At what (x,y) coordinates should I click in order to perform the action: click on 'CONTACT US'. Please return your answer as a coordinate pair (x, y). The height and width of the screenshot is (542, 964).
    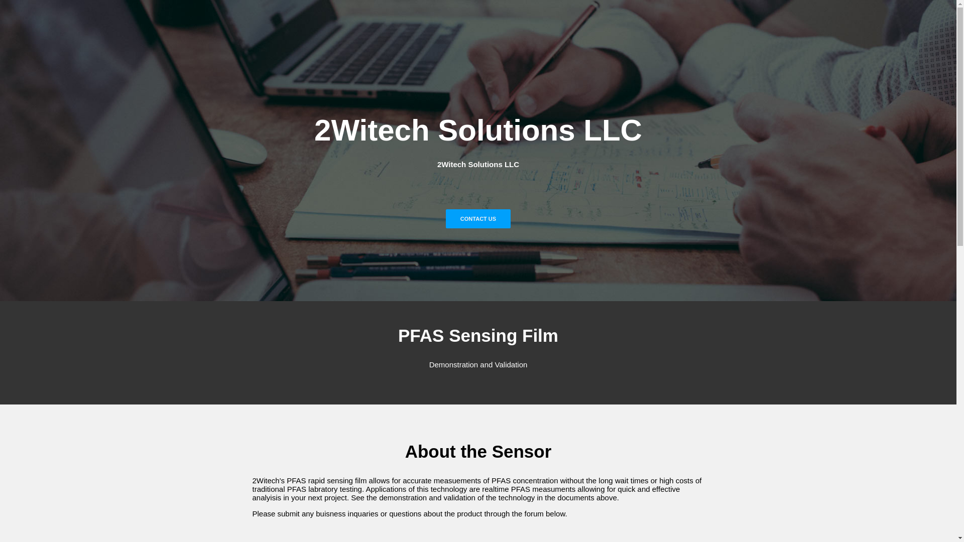
    Looking at the image, I should click on (445, 218).